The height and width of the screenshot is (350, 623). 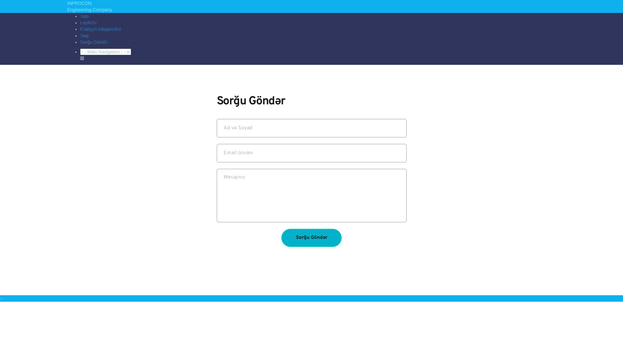 What do you see at coordinates (79, 3) in the screenshot?
I see `'INPROCON'` at bounding box center [79, 3].